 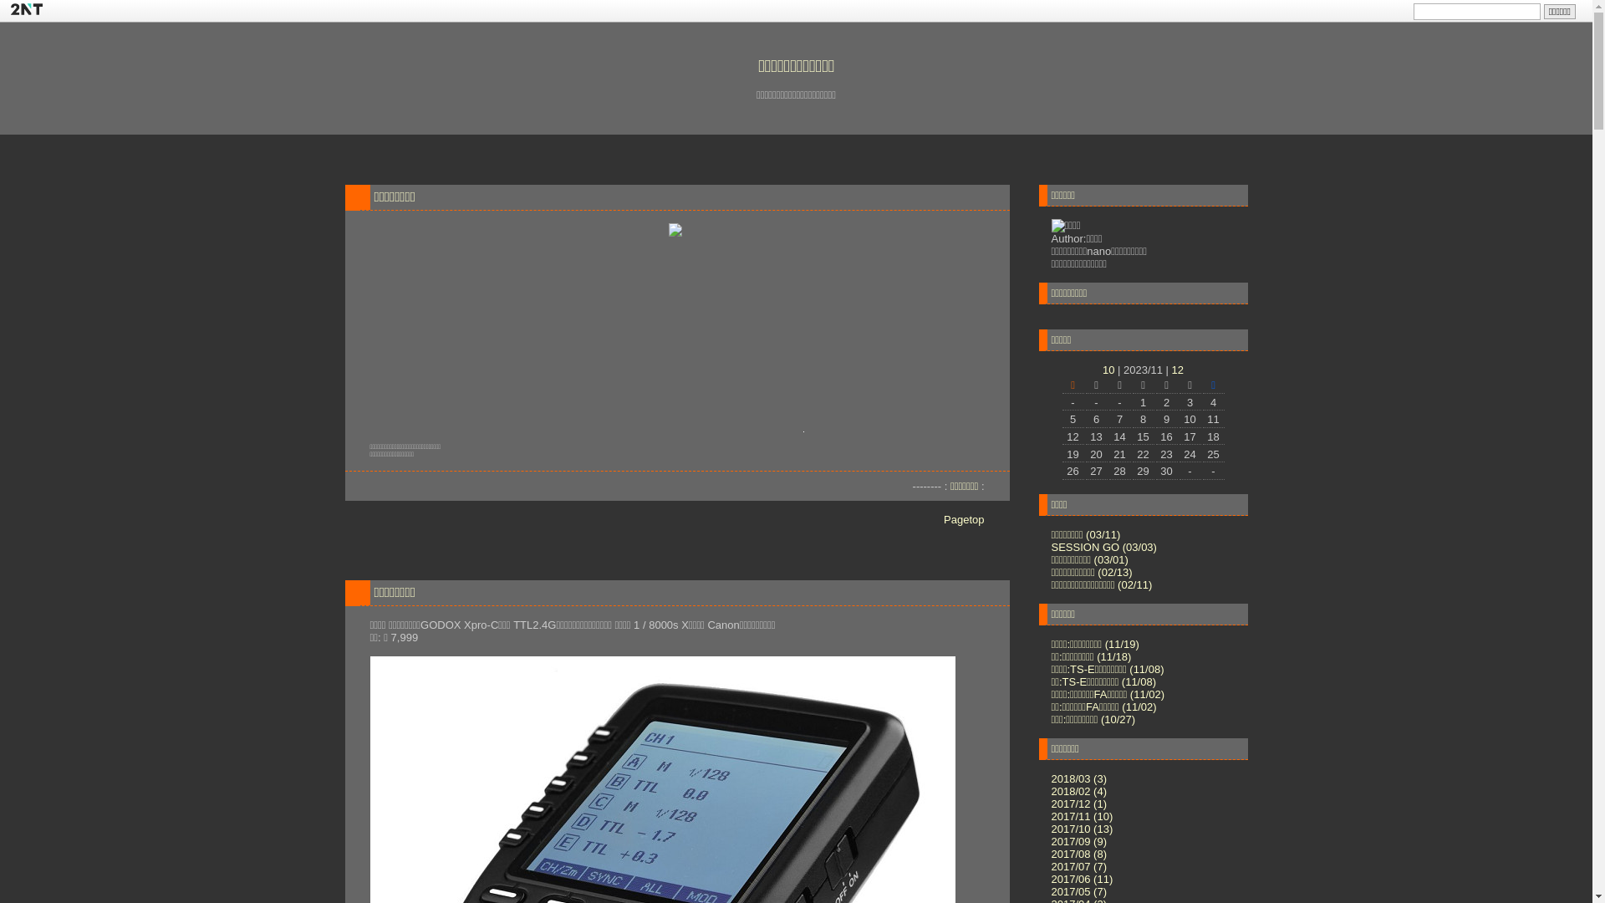 What do you see at coordinates (1050, 815) in the screenshot?
I see `'2017/11 (10)'` at bounding box center [1050, 815].